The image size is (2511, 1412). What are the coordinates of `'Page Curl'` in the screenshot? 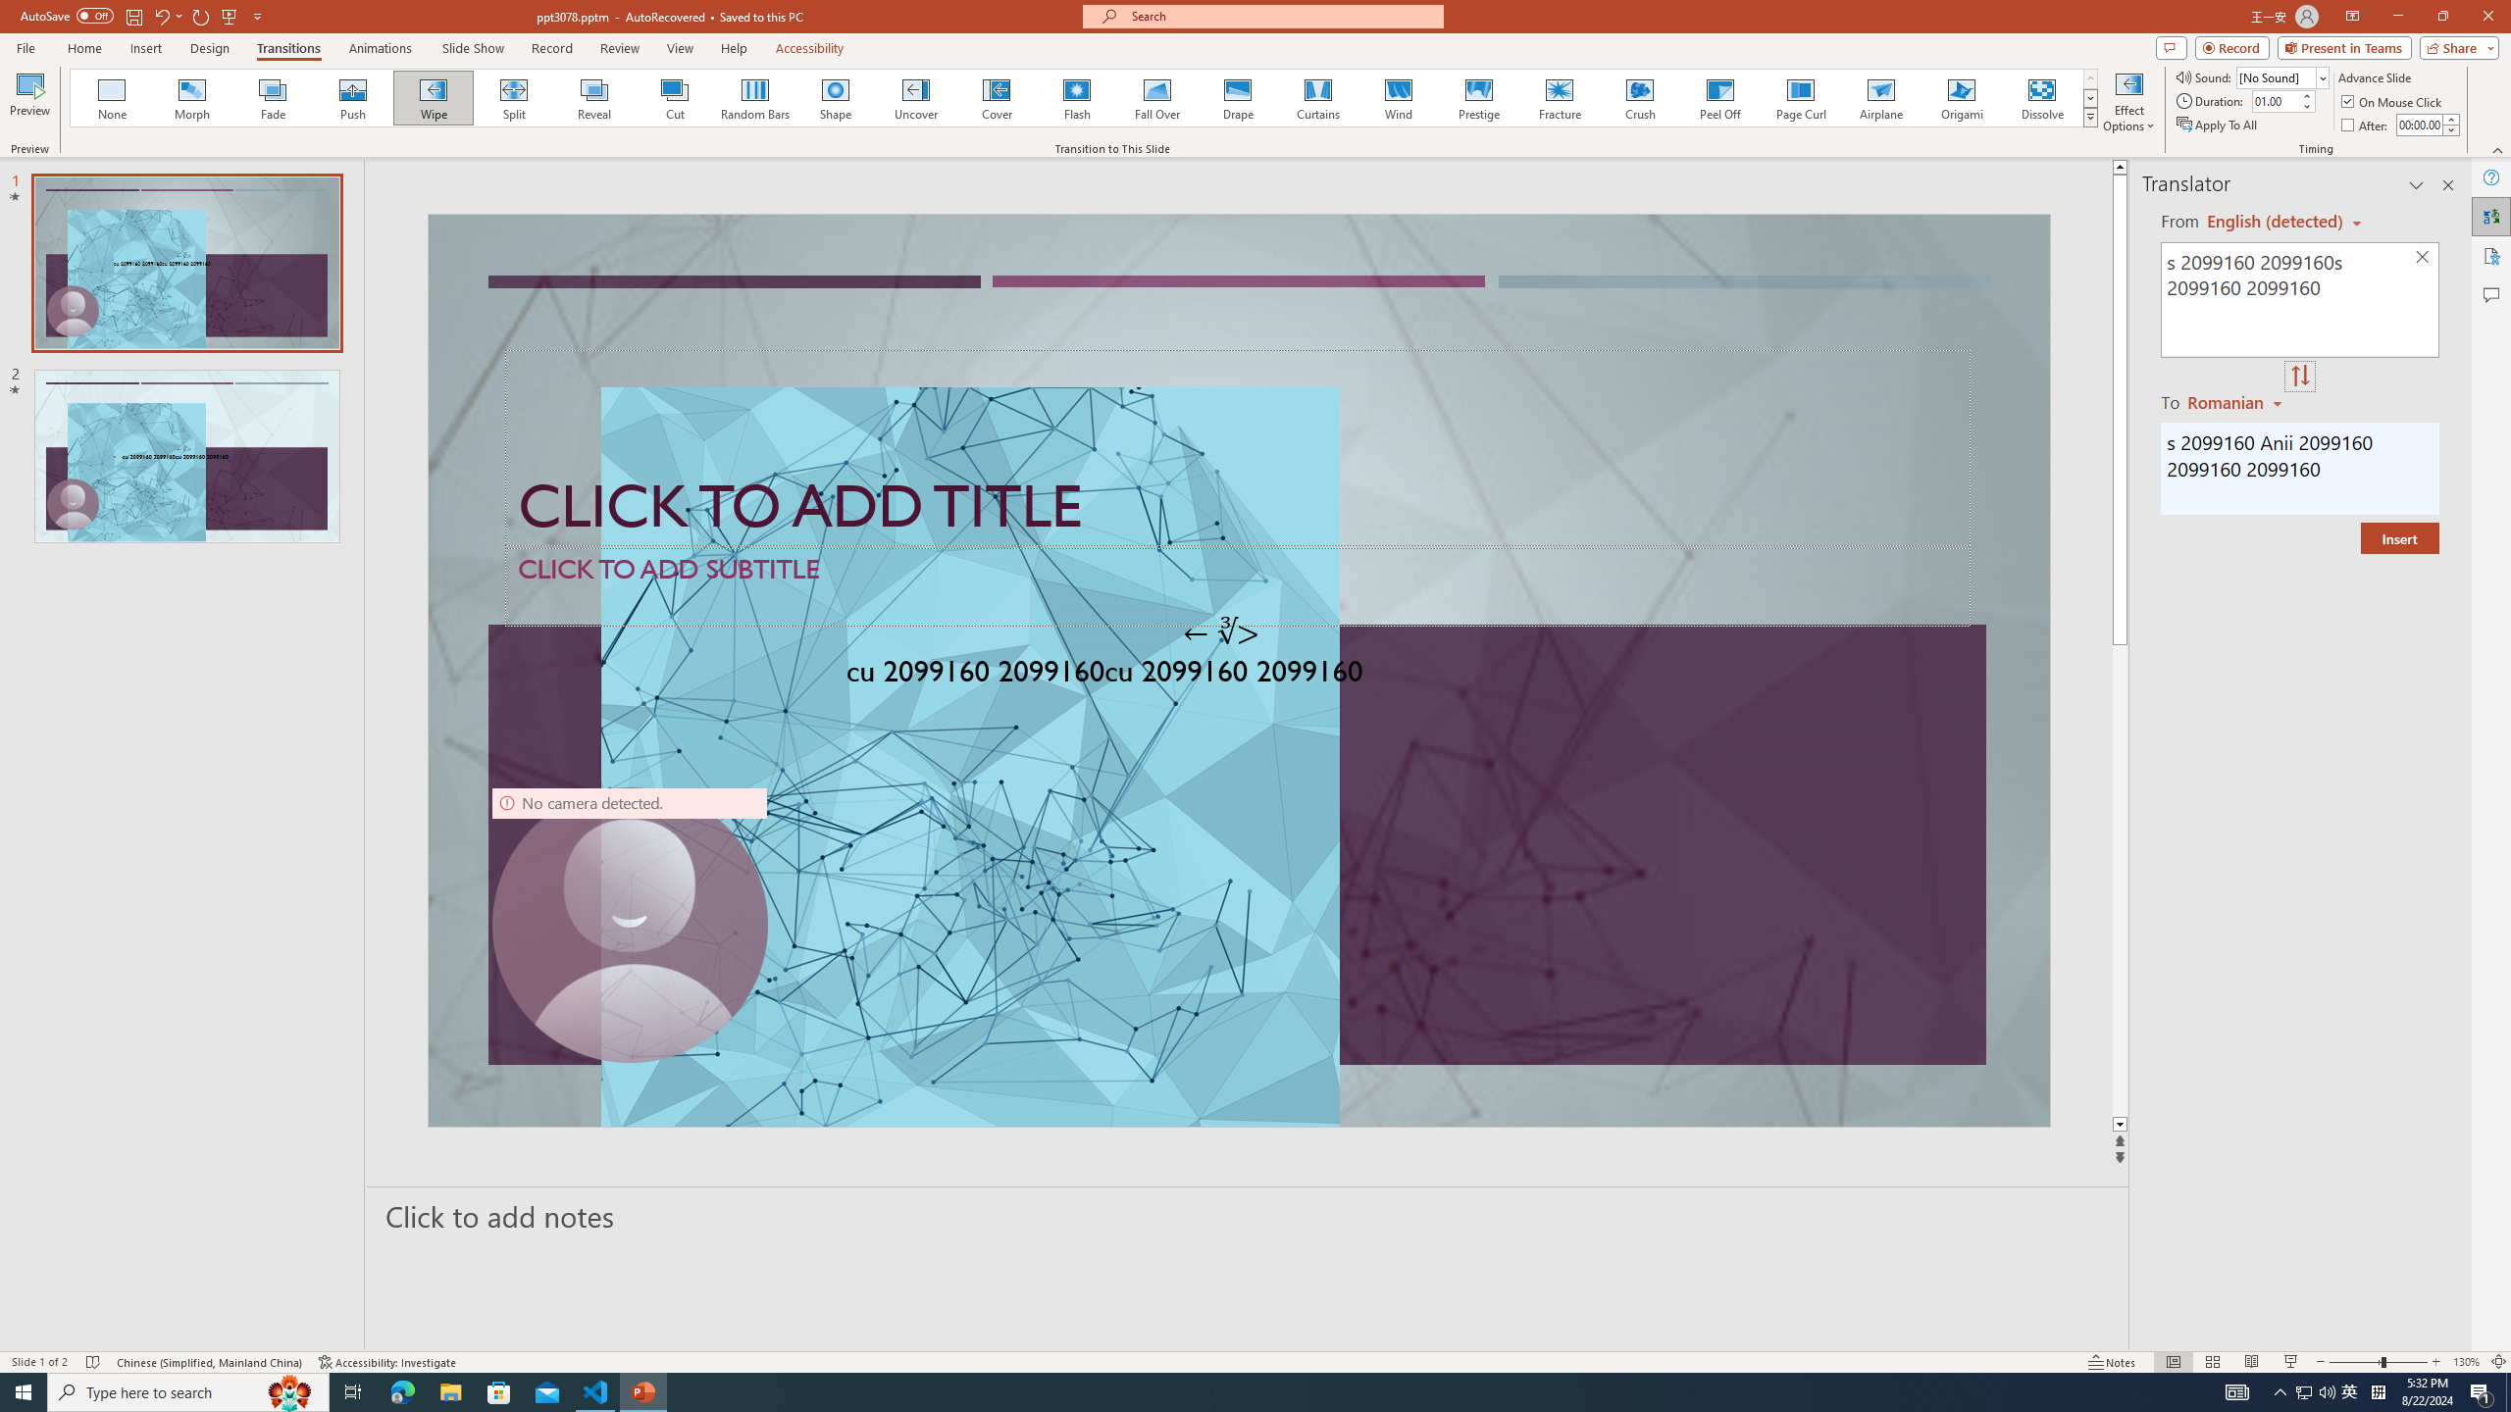 It's located at (1799, 97).